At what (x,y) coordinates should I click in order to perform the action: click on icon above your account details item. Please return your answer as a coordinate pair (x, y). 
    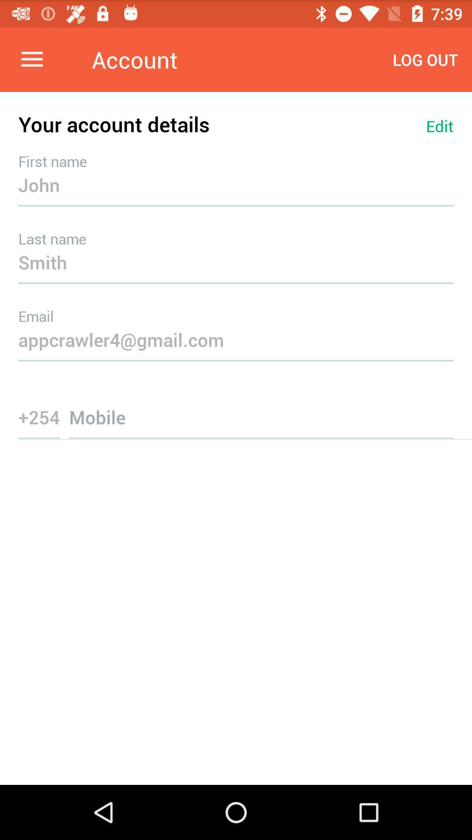
    Looking at the image, I should click on (425, 59).